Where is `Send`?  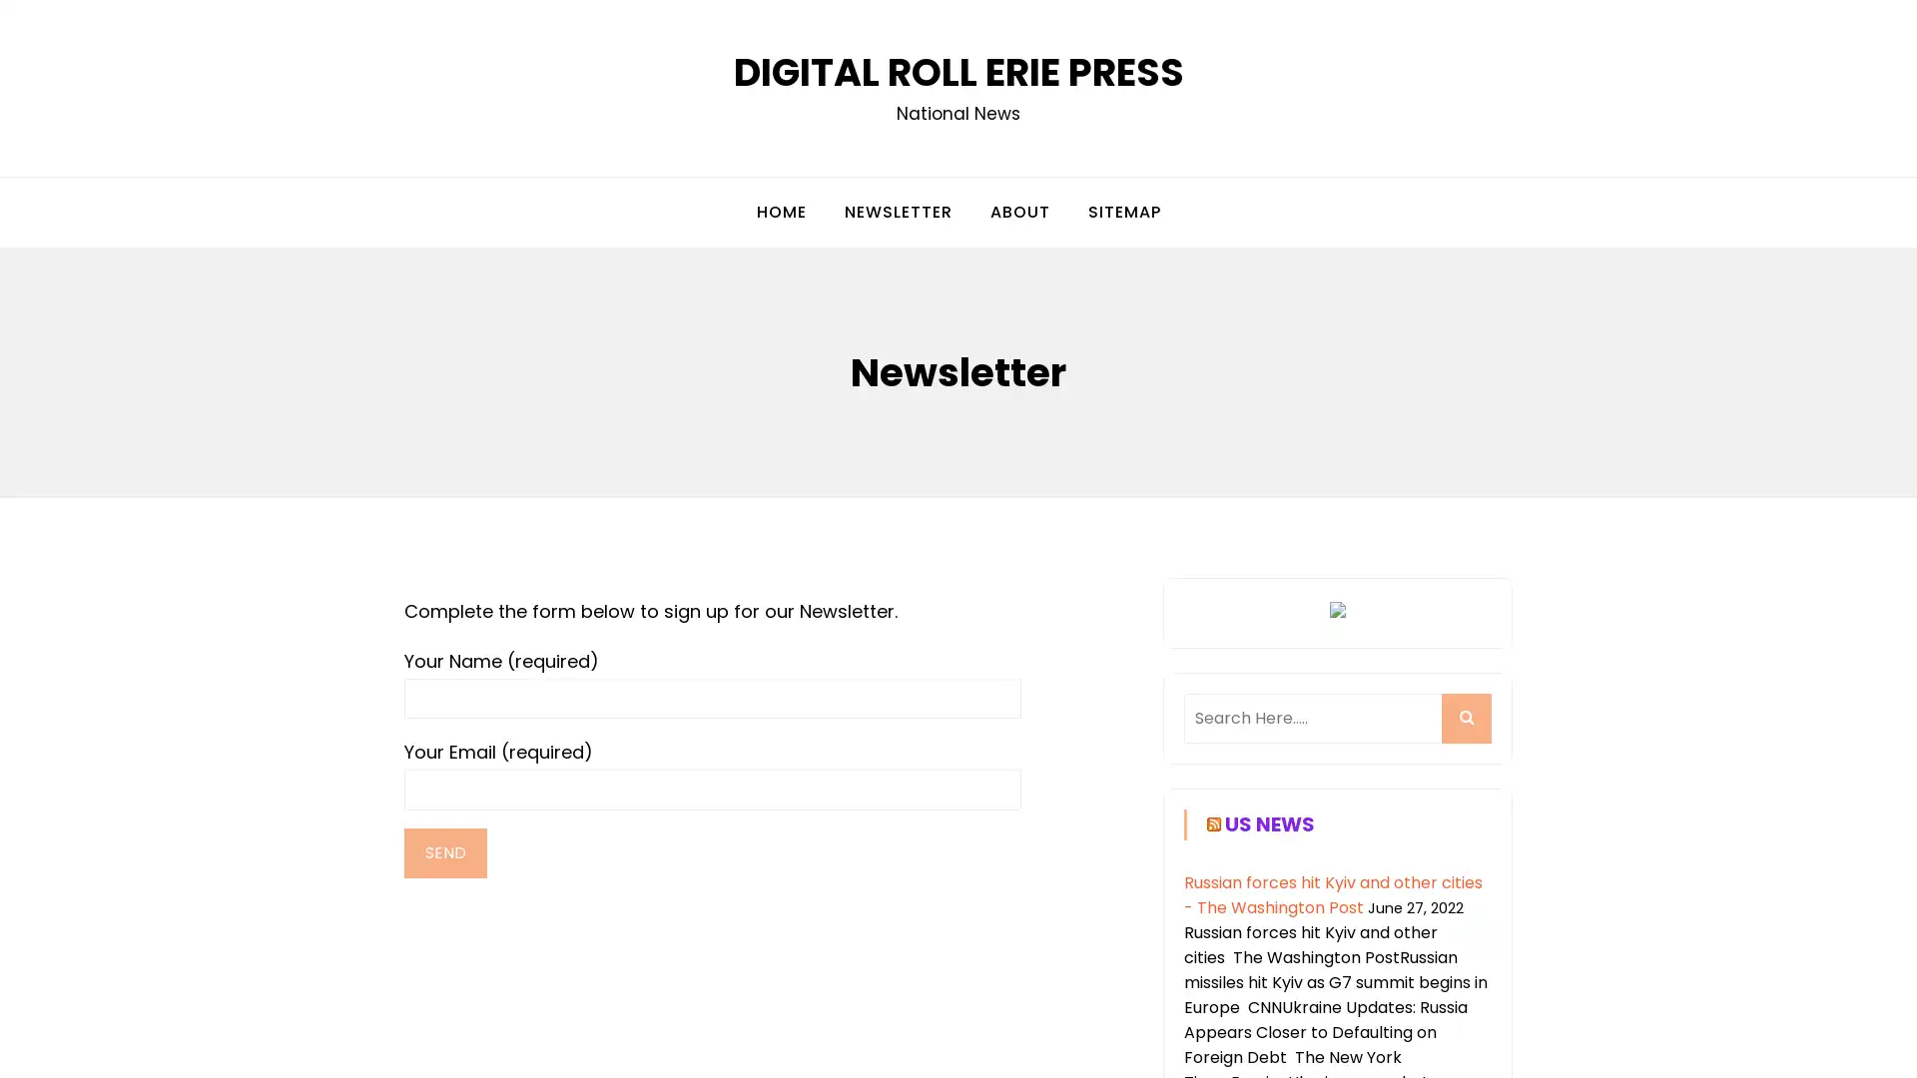
Send is located at coordinates (444, 852).